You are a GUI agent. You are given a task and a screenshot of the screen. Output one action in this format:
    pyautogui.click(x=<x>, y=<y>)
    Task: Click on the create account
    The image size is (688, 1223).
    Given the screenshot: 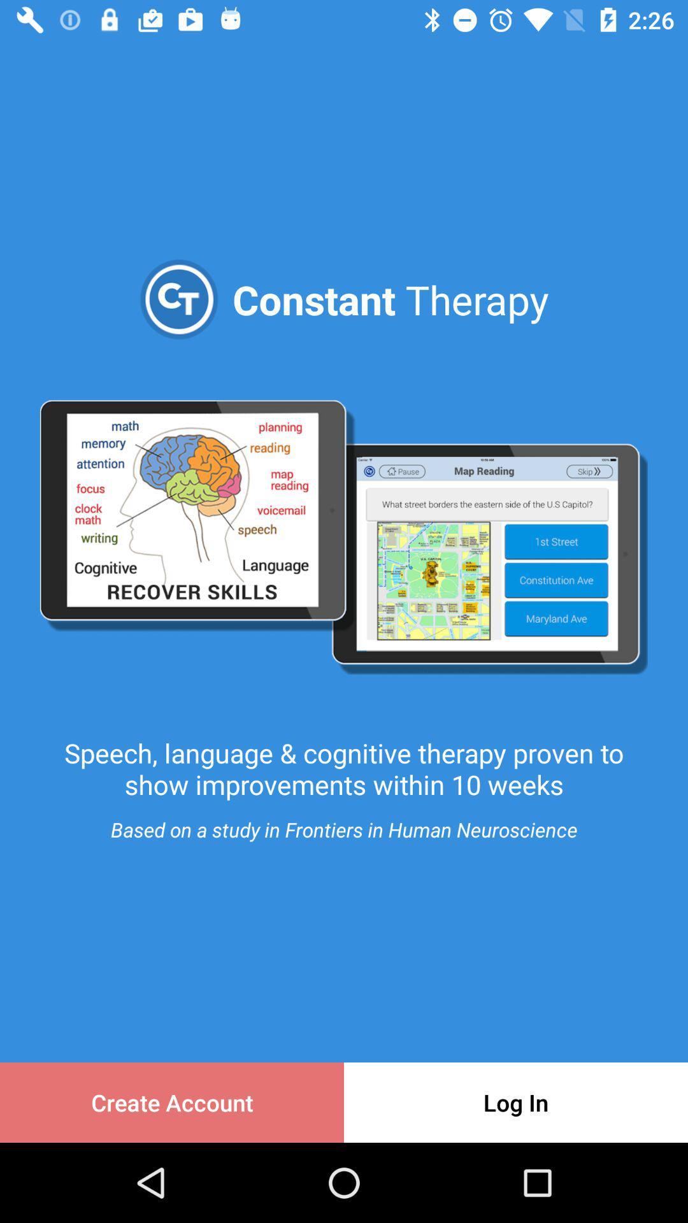 What is the action you would take?
    pyautogui.click(x=172, y=1102)
    